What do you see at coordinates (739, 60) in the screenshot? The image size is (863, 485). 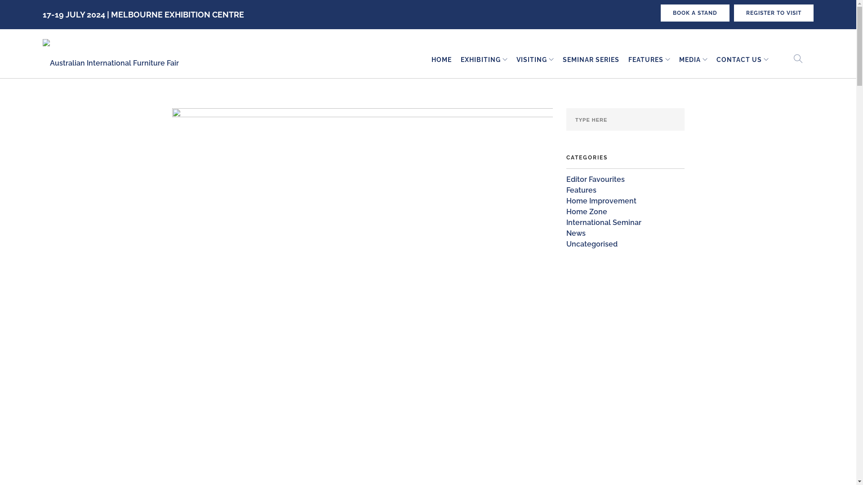 I see `'CONTACT US'` at bounding box center [739, 60].